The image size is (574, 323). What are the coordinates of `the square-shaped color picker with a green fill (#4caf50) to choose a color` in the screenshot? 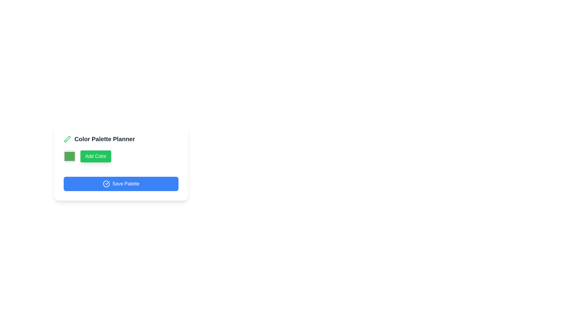 It's located at (70, 156).